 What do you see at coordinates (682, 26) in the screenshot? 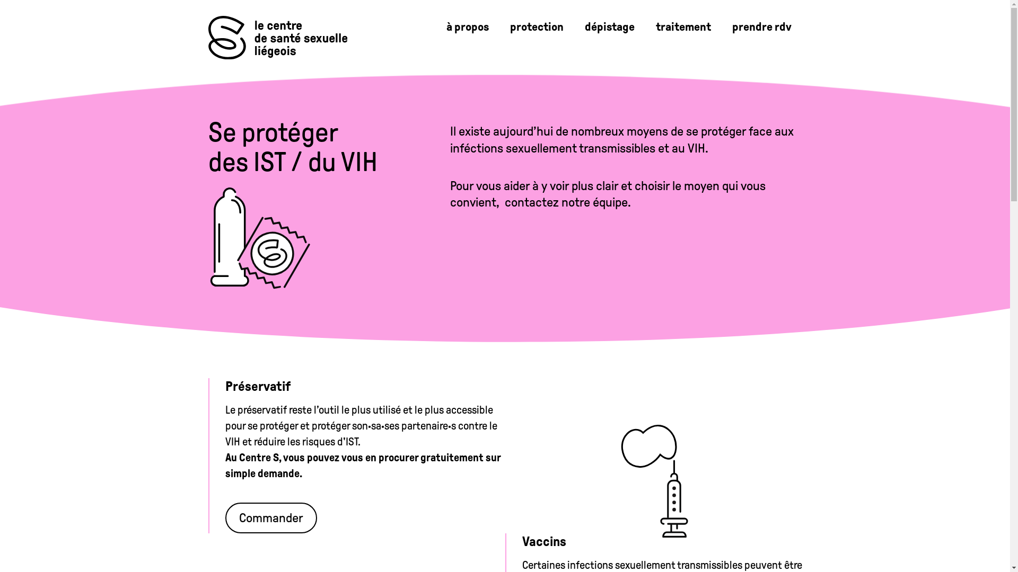
I see `'traitement'` at bounding box center [682, 26].